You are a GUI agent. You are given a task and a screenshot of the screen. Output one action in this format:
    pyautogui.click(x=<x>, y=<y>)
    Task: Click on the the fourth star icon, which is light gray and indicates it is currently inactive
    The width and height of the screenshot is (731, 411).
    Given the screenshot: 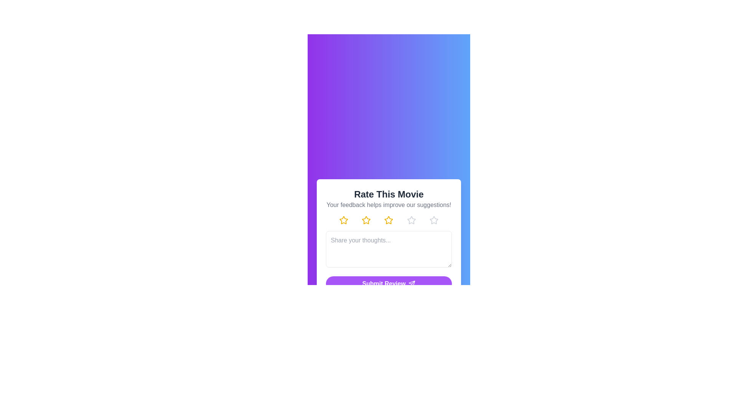 What is the action you would take?
    pyautogui.click(x=411, y=220)
    